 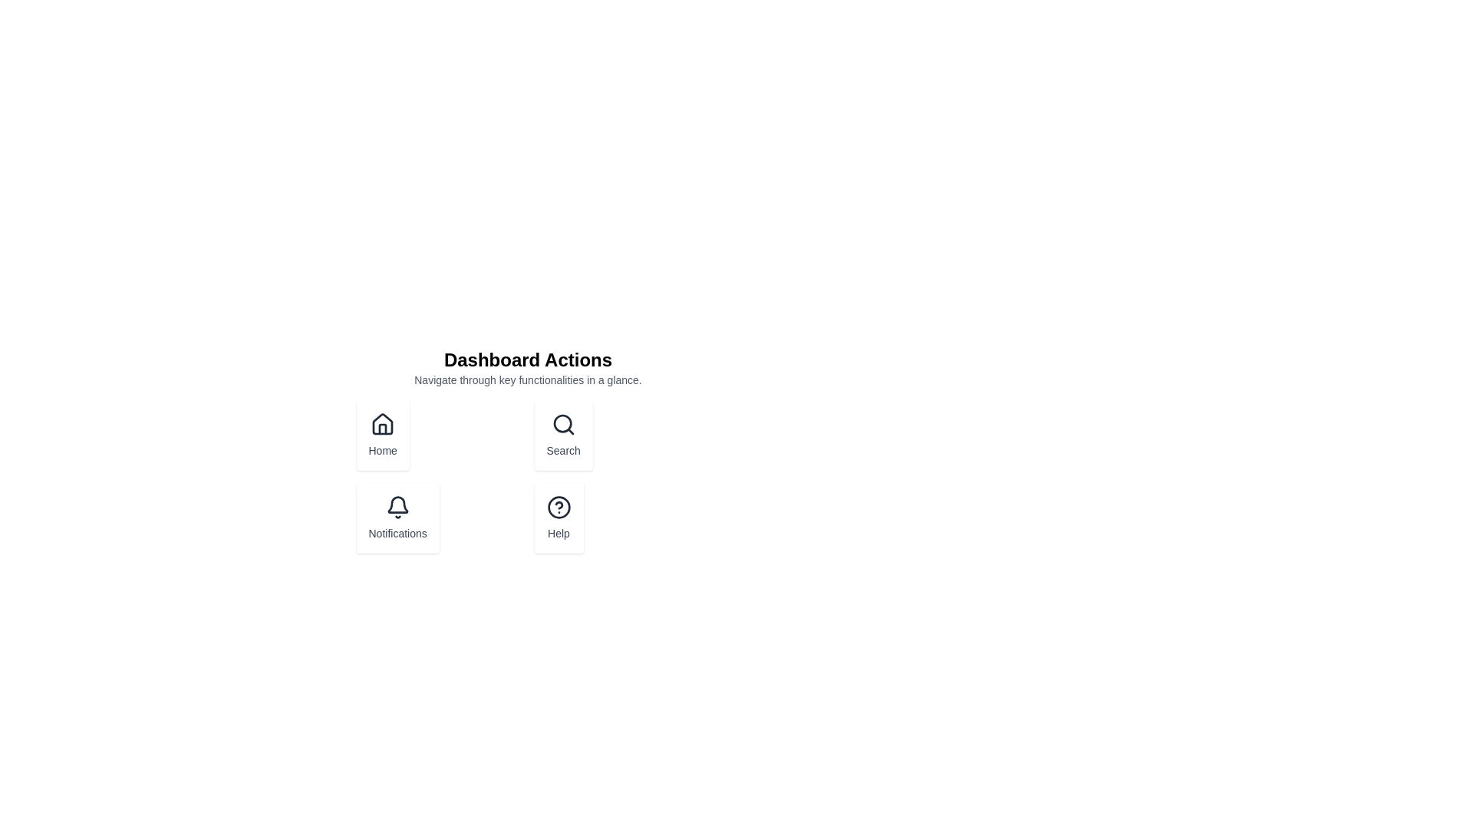 What do you see at coordinates (558, 517) in the screenshot?
I see `the help button located in the bottom-right corner of the 2x2 grid` at bounding box center [558, 517].